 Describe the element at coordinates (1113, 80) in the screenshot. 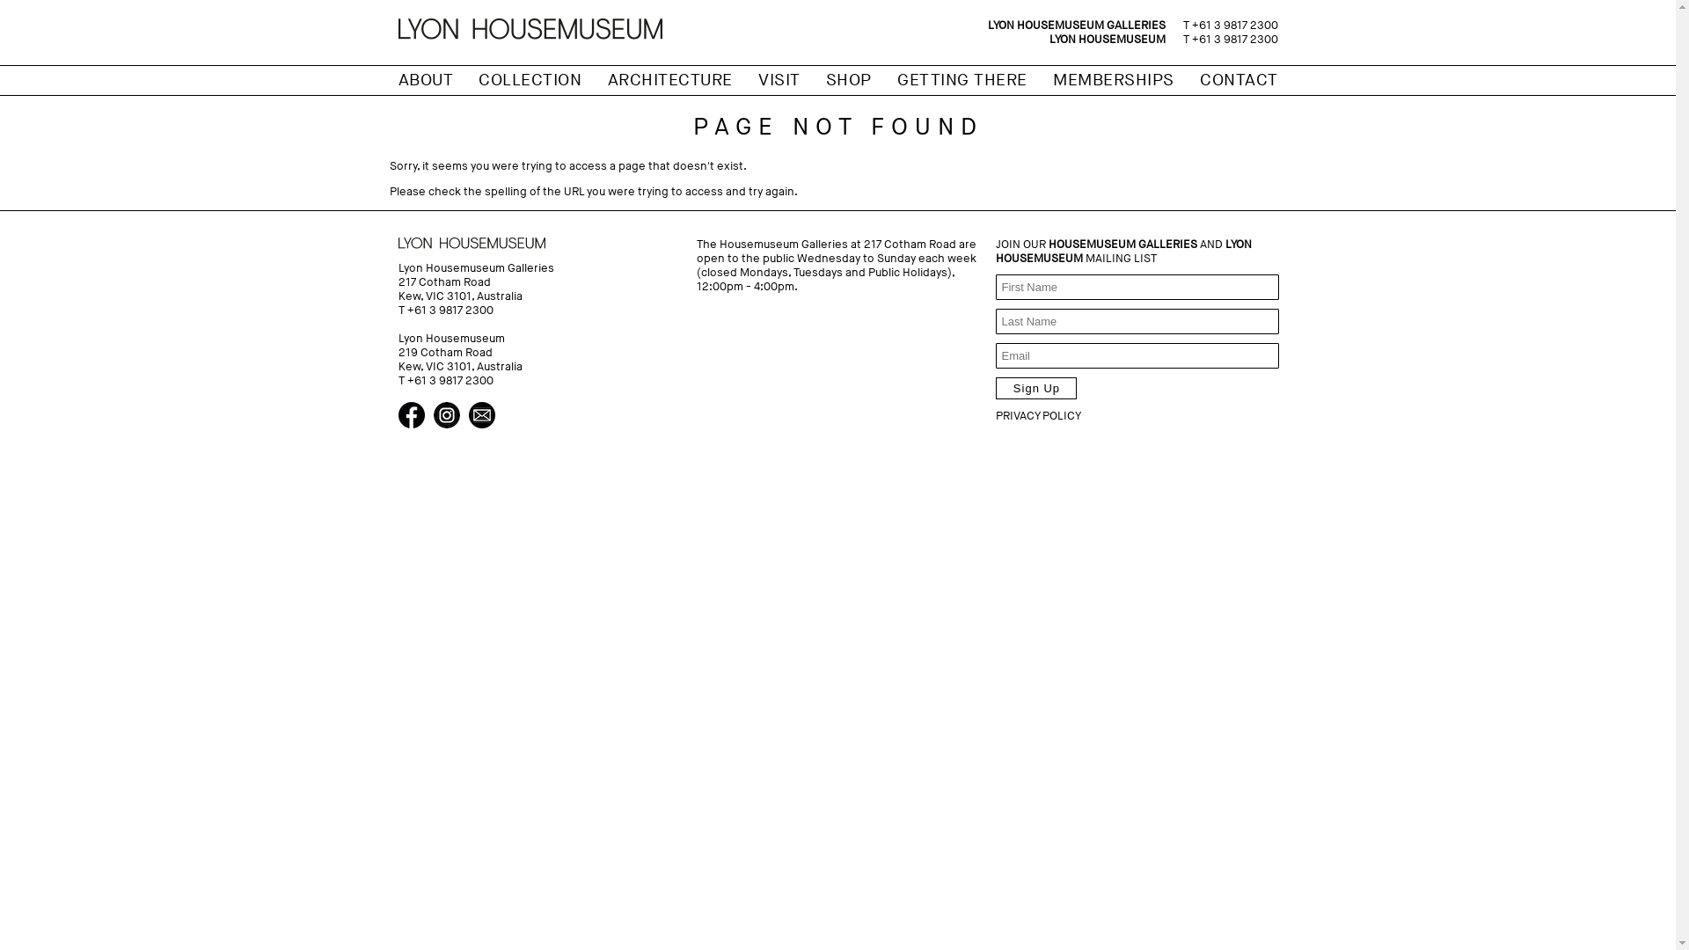

I see `'MEMBERSHIPS'` at that location.